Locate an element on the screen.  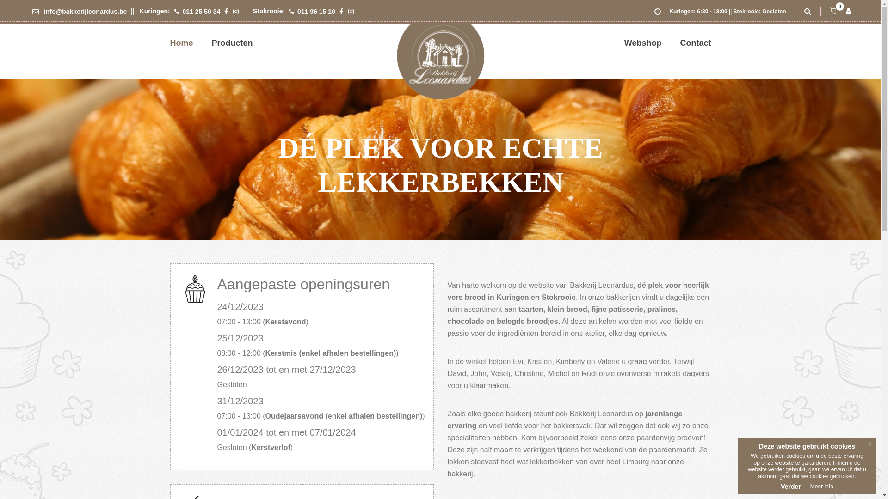
'info@bakkerijleonardus.be' is located at coordinates (80, 11).